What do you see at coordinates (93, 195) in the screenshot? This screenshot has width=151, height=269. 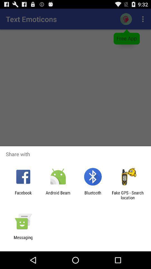 I see `icon to the right of android beam` at bounding box center [93, 195].